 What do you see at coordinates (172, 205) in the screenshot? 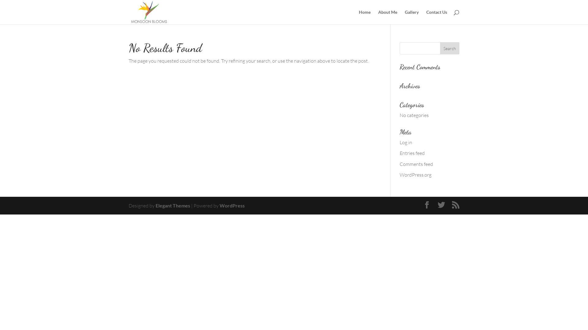
I see `'Elegant Themes'` at bounding box center [172, 205].